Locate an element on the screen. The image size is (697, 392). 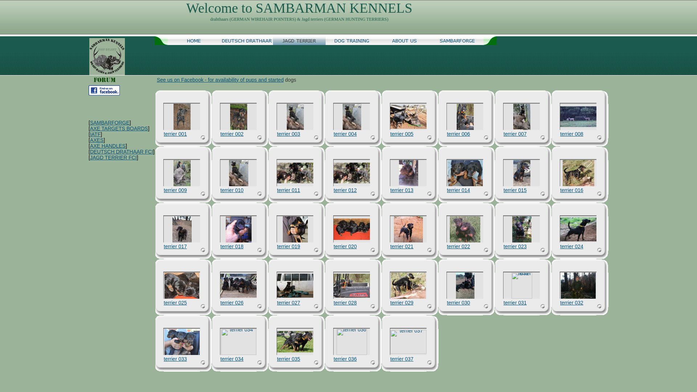
'terrier 003' is located at coordinates (277, 134).